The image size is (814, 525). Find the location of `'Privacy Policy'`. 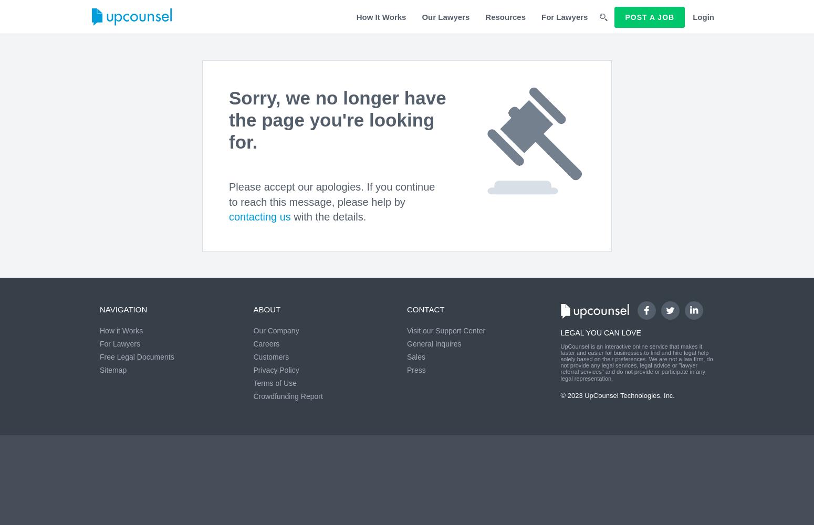

'Privacy Policy' is located at coordinates (275, 370).